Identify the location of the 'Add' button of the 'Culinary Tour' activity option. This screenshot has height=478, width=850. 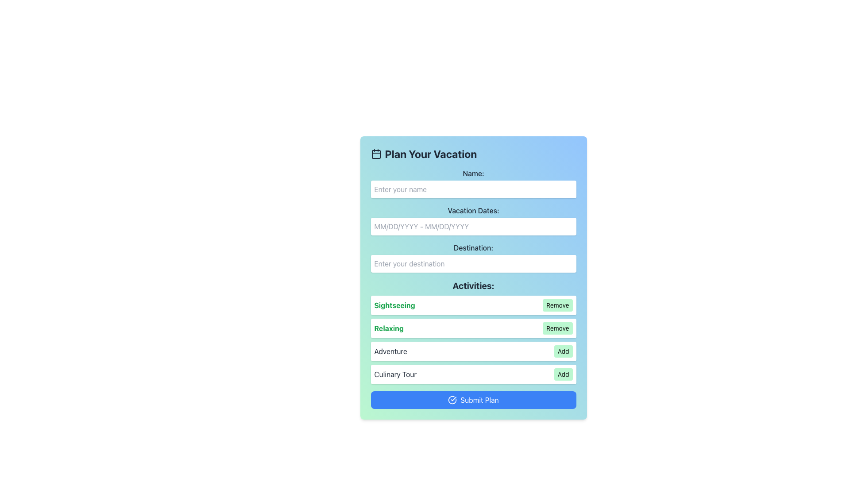
(473, 374).